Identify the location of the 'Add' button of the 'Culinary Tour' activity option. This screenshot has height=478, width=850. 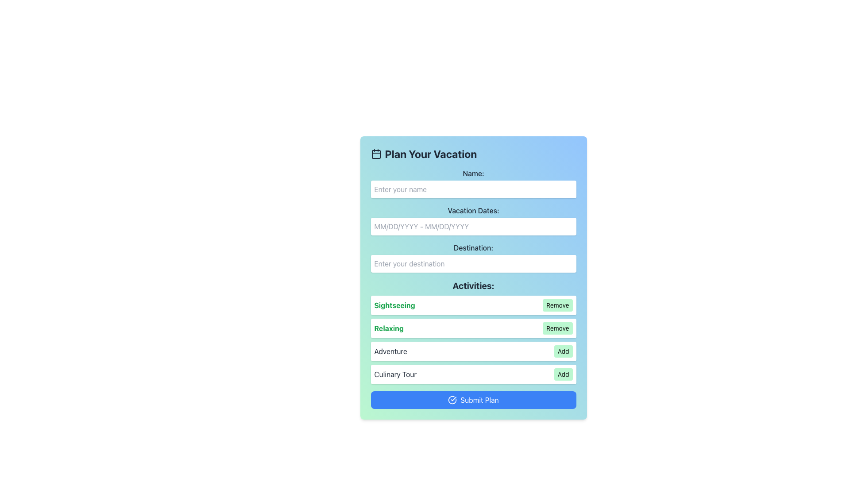
(473, 374).